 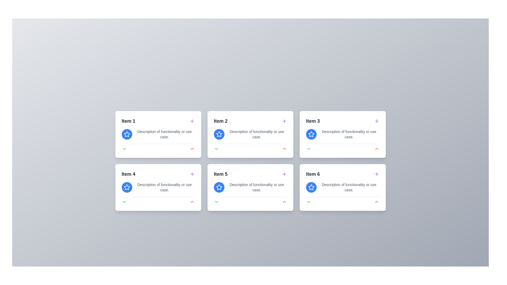 I want to click on the star-shaped icon with a blue outline and white fill on the 'Item 3' card, located in the top left section of the card, so click(x=311, y=134).